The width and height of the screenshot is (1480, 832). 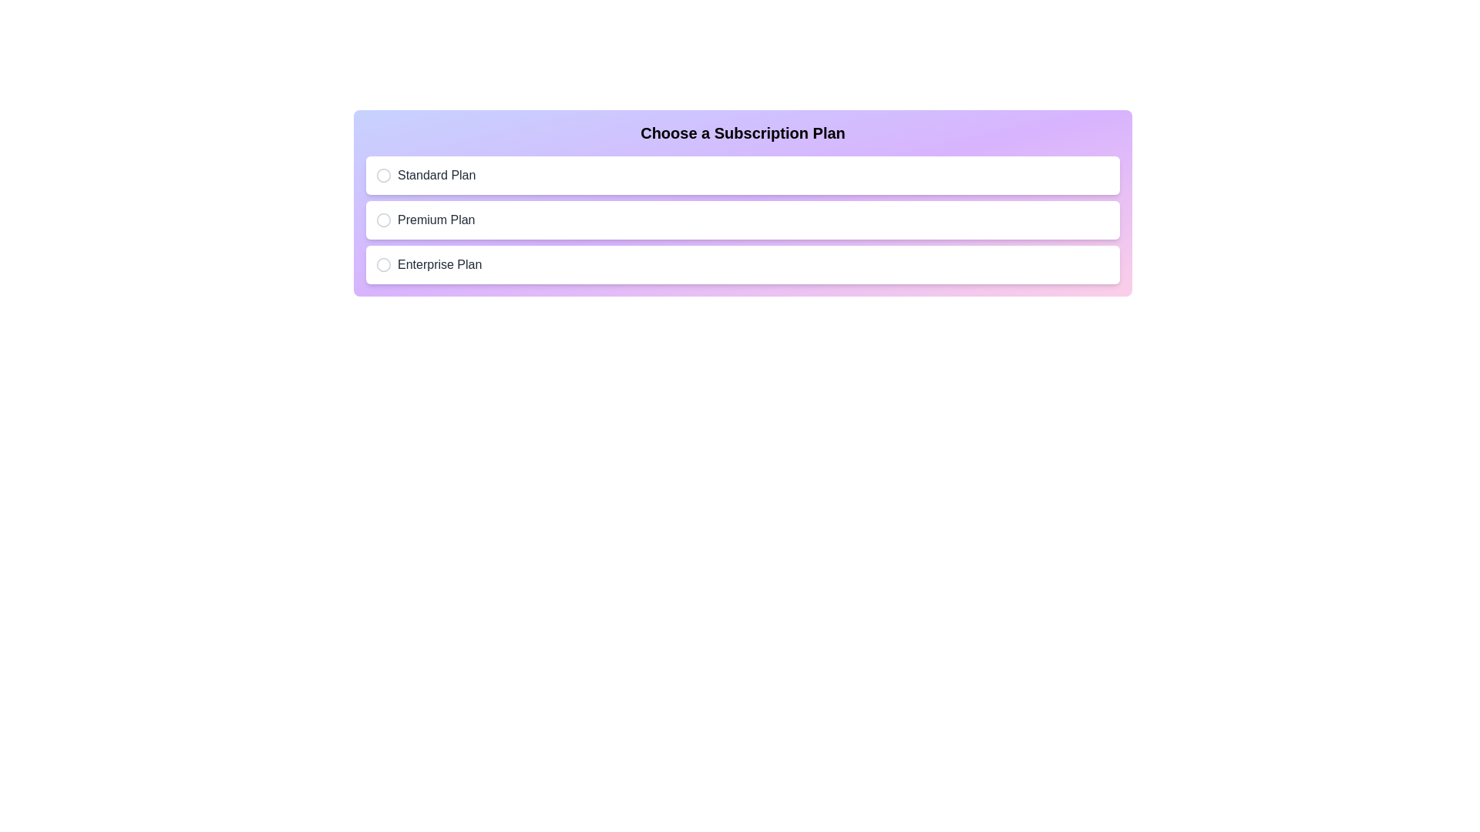 I want to click on the circular radio button with a thin stroke outline and white background, located to the left of the 'Premium Plan' text, so click(x=384, y=220).